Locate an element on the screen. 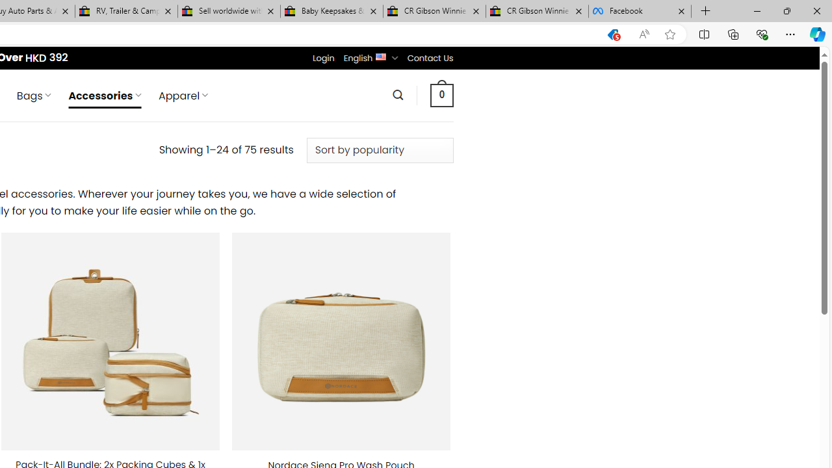 The height and width of the screenshot is (468, 832). 'Facebook' is located at coordinates (640, 11).